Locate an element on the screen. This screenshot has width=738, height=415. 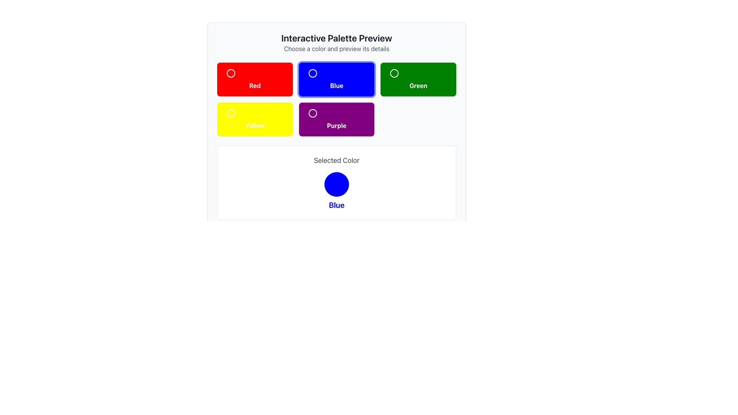
the visual state of the Circle SVG element indicating the selection status of the green button in the top right corner of the 'Interactive Palette Preview' is located at coordinates (394, 73).